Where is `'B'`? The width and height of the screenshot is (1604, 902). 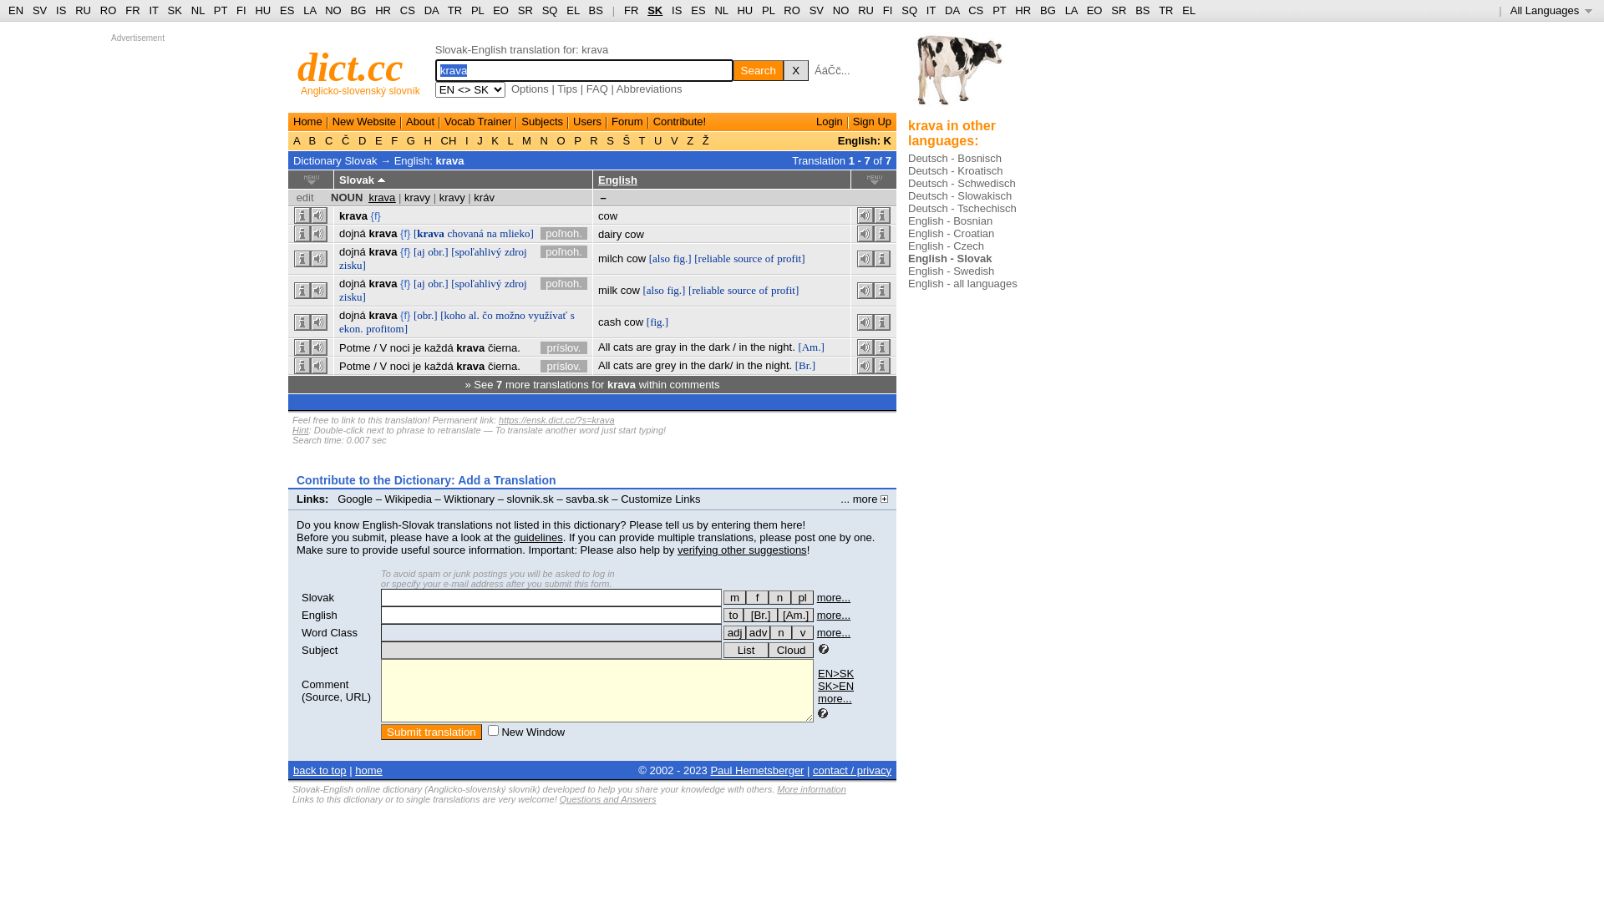
'B' is located at coordinates (305, 139).